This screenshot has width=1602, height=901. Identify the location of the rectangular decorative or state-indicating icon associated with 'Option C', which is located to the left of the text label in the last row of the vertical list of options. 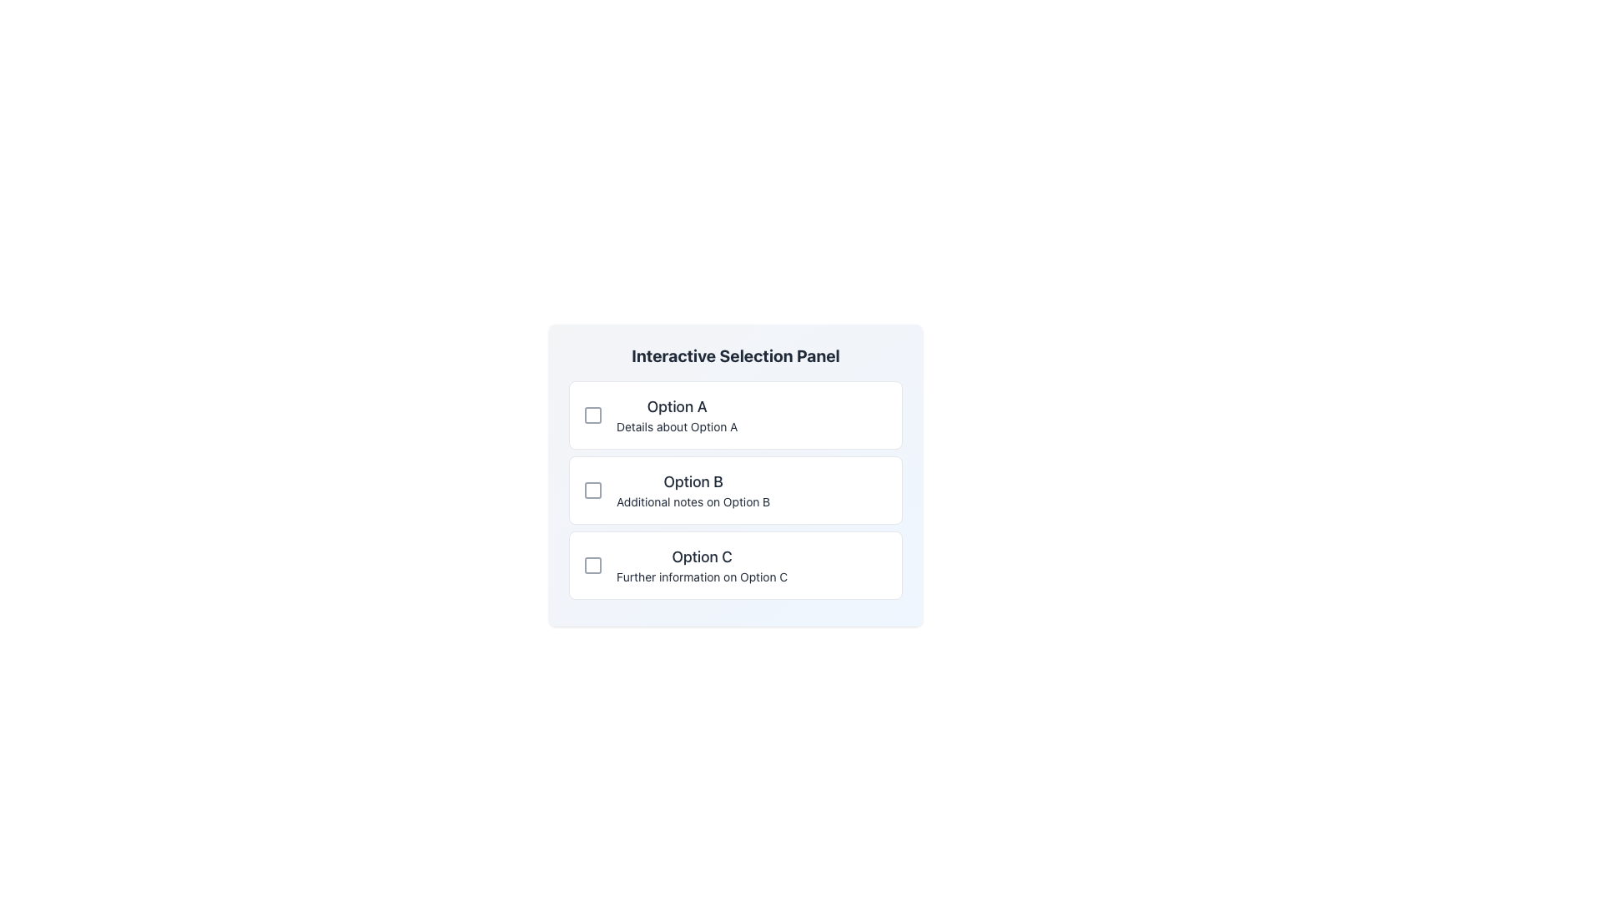
(592, 565).